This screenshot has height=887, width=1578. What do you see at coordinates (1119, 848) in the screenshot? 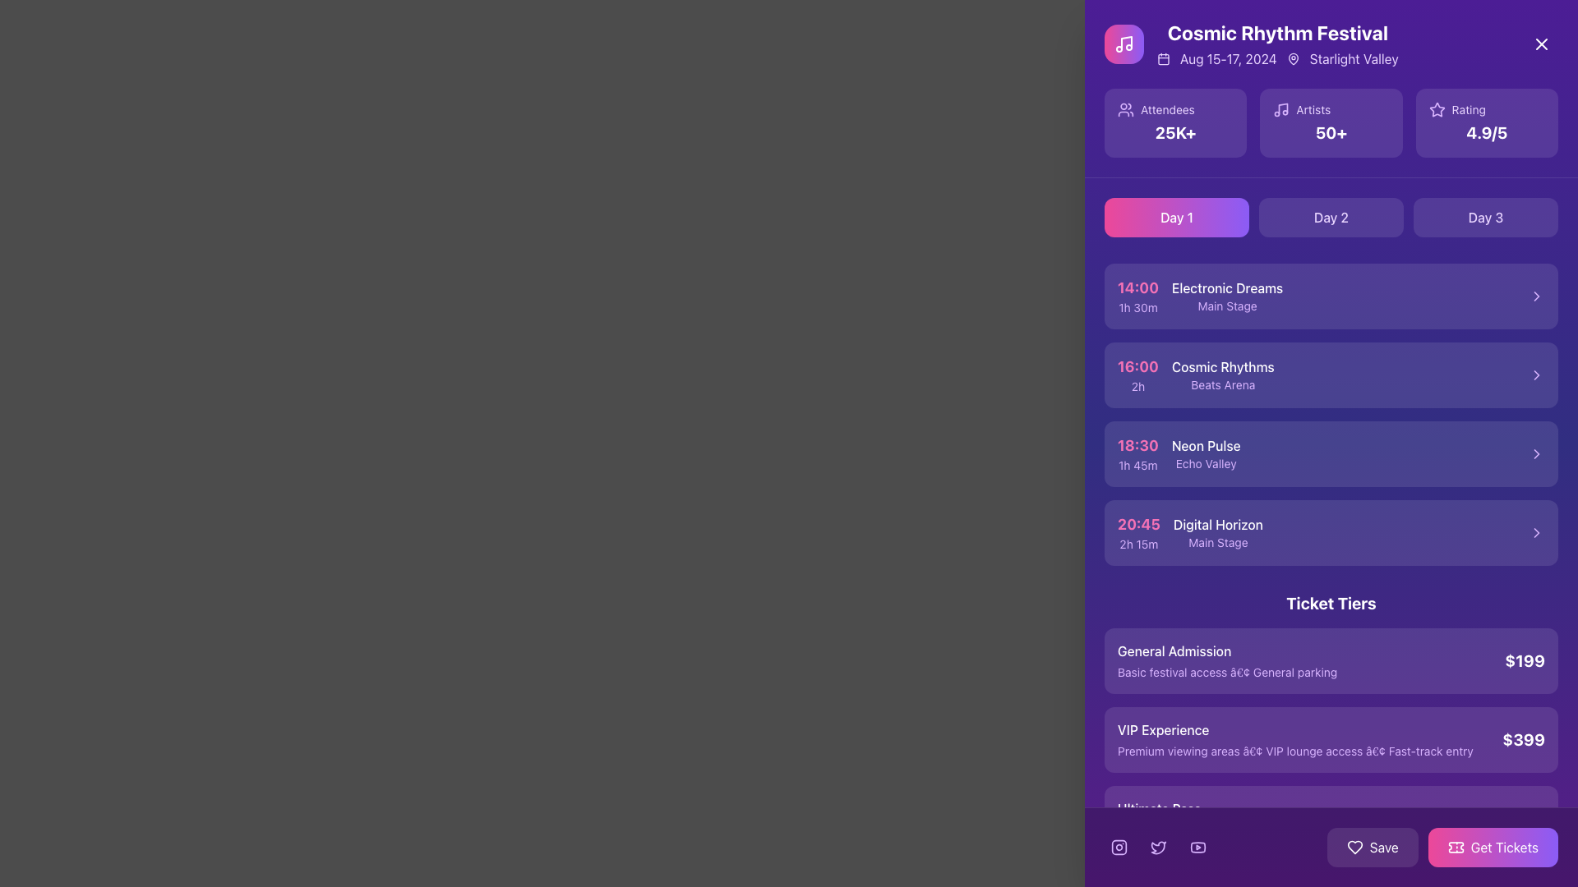
I see `the Instagram button located at the bottom-left corner of the interface` at bounding box center [1119, 848].